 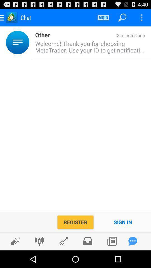 I want to click on share the article, so click(x=88, y=241).